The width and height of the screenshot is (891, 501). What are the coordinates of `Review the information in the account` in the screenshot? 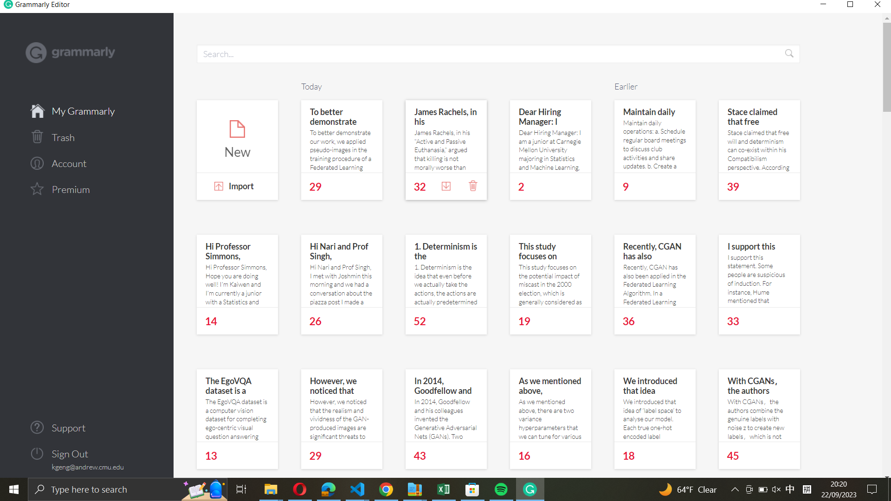 It's located at (87, 162).